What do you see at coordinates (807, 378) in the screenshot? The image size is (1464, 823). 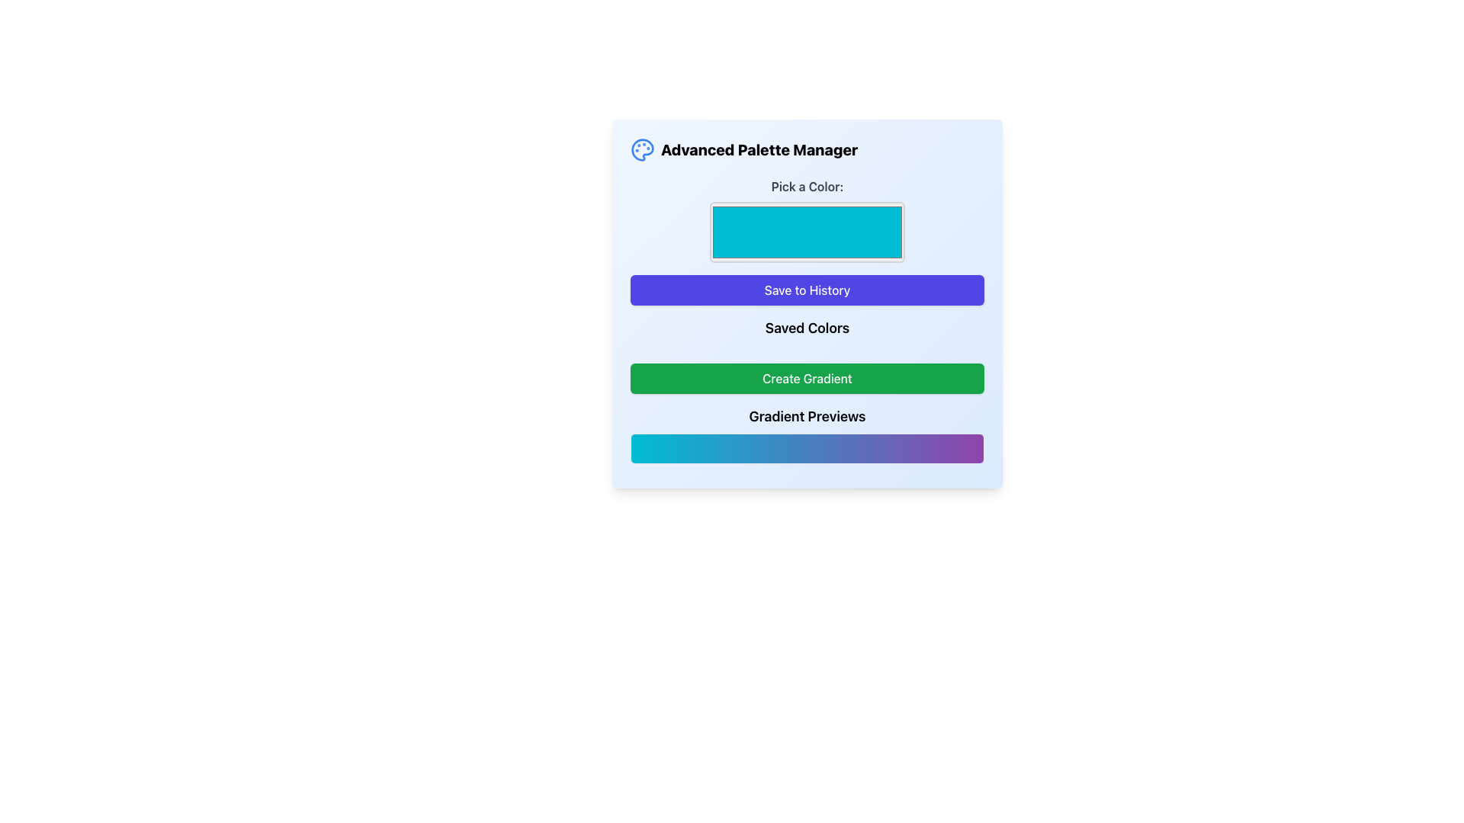 I see `the button in the 'Advanced Palette Manager' interface that triggers the creation of a gradient, located below the 'Save to History' button and above the 'Gradient Previews' section` at bounding box center [807, 378].